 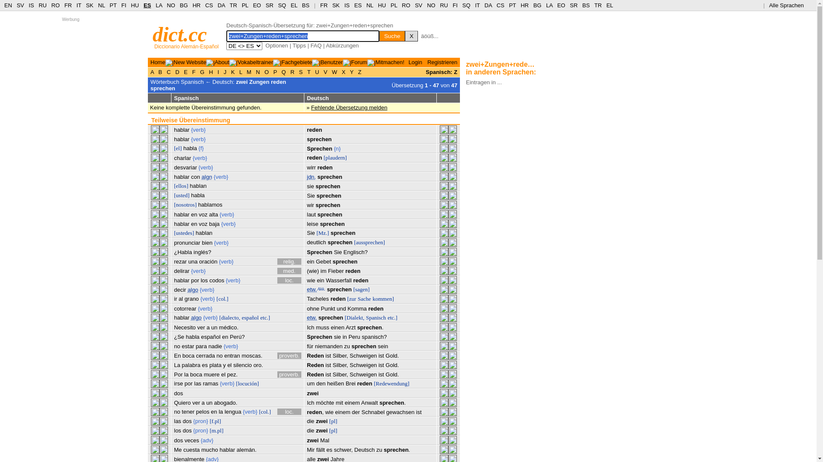 I want to click on 'Schnabel', so click(x=372, y=412).